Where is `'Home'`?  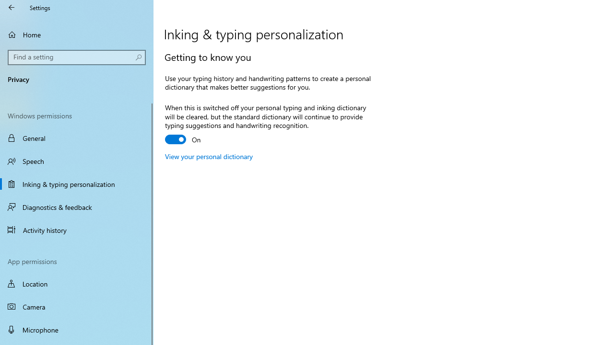
'Home' is located at coordinates (77, 34).